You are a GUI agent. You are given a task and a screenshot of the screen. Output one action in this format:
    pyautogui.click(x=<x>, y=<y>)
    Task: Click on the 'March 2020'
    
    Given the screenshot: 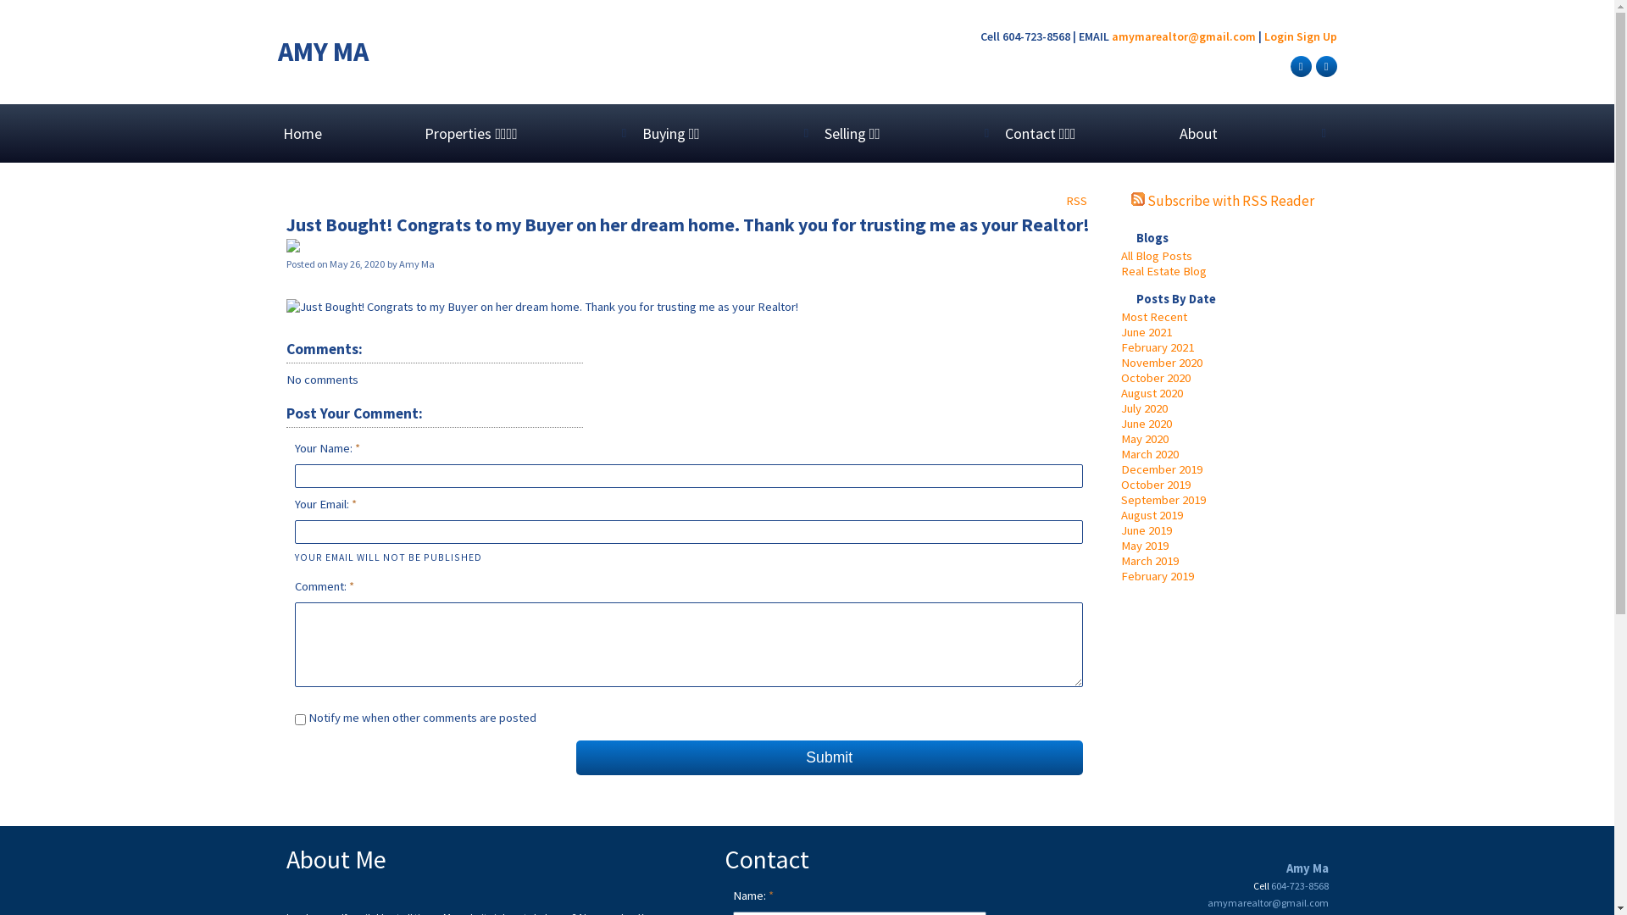 What is the action you would take?
    pyautogui.click(x=1149, y=453)
    